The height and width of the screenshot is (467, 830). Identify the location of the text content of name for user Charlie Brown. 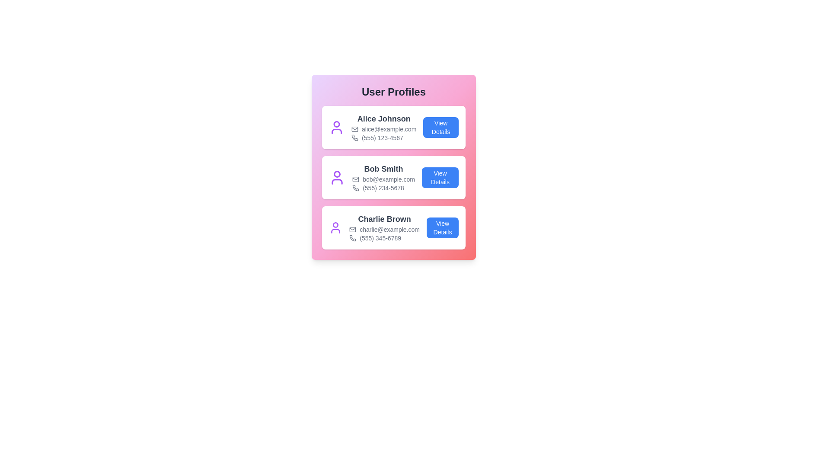
(383, 218).